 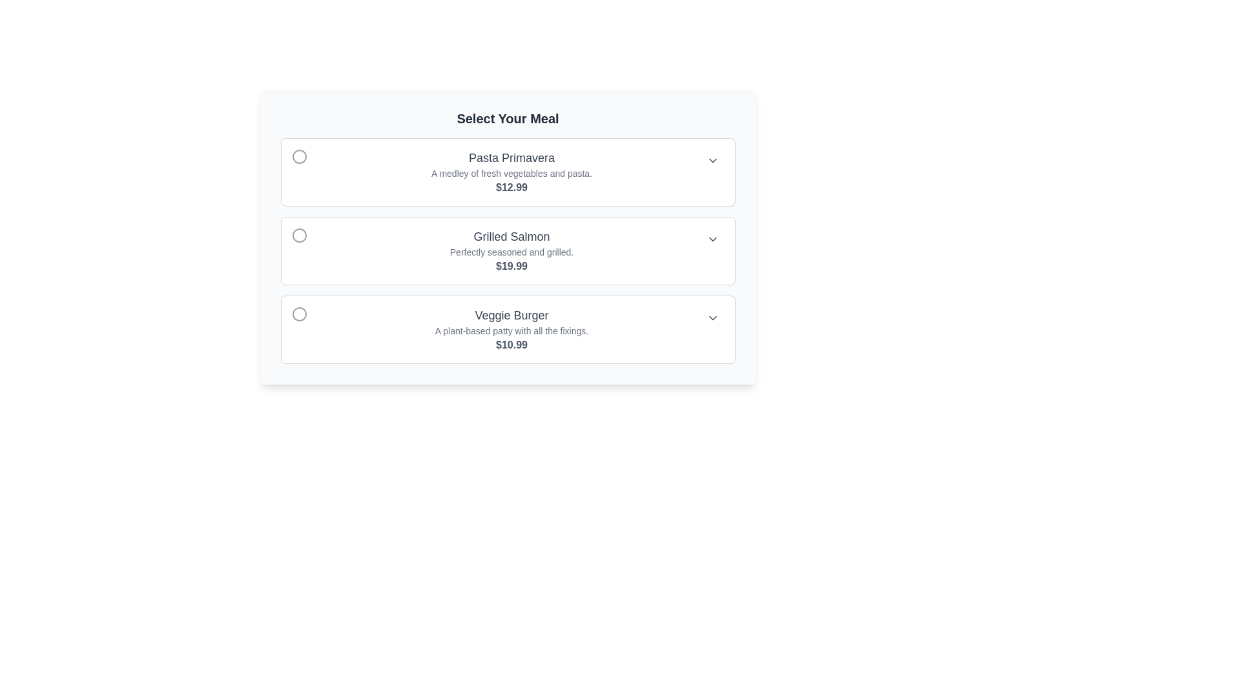 I want to click on the 'Veggie Burger' text block in the interactive menu, which is the third item in a vertical list of meal options, so click(x=511, y=328).